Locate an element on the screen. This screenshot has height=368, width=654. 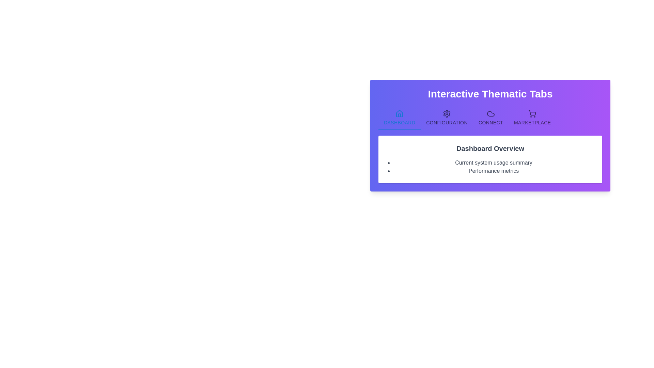
the 'Dashboard' tab in the navigation bar is located at coordinates (399, 118).